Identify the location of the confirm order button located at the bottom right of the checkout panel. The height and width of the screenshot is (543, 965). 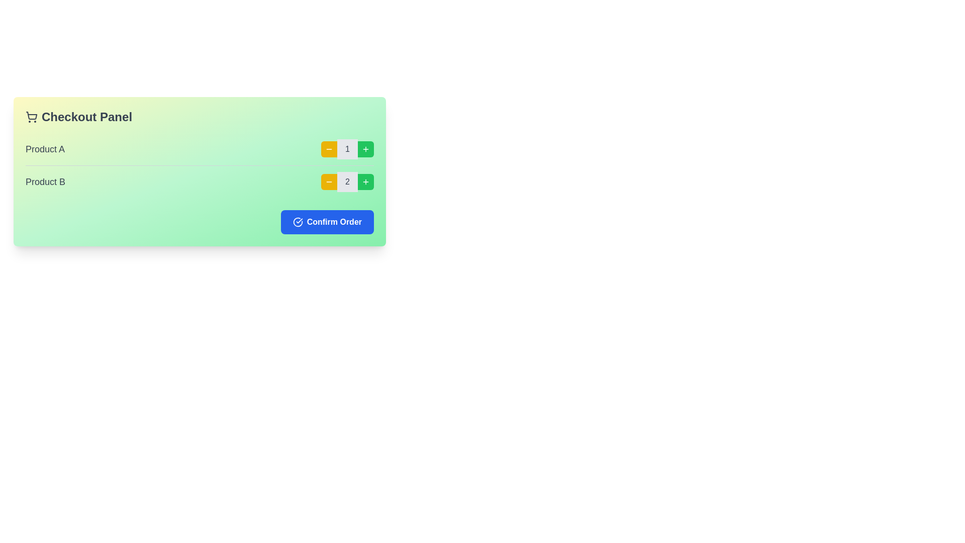
(327, 222).